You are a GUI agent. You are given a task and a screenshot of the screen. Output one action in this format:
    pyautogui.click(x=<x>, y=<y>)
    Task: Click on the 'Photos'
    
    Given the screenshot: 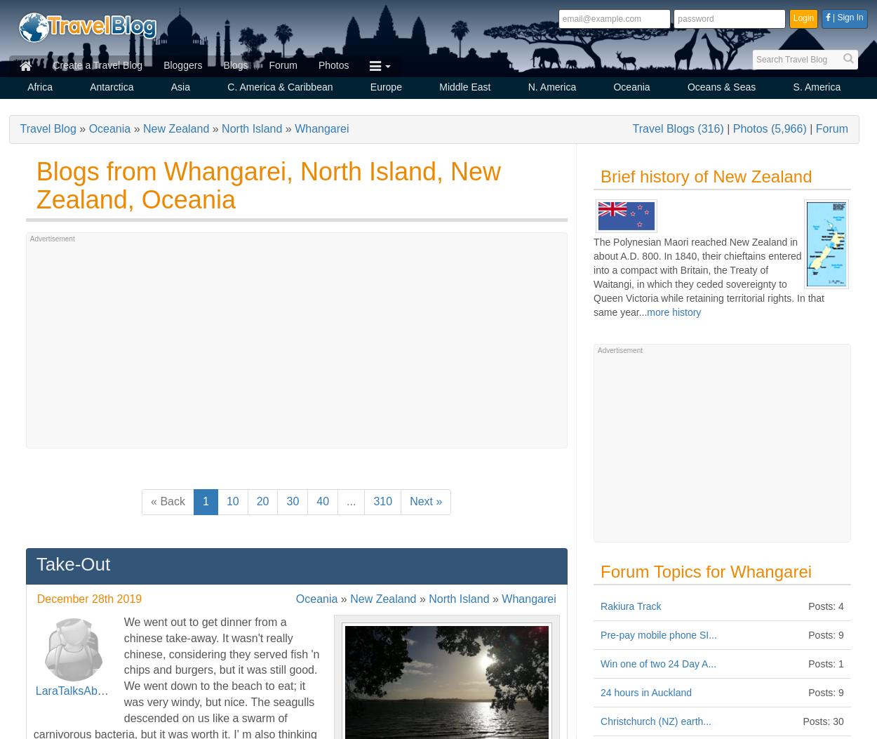 What is the action you would take?
    pyautogui.click(x=333, y=64)
    